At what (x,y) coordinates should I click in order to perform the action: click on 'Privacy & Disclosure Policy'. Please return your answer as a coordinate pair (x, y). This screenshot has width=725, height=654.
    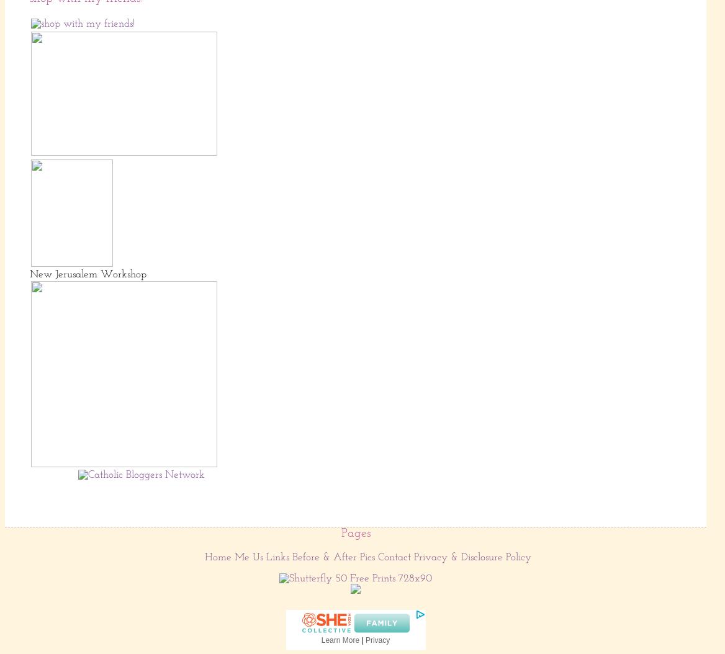
    Looking at the image, I should click on (472, 556).